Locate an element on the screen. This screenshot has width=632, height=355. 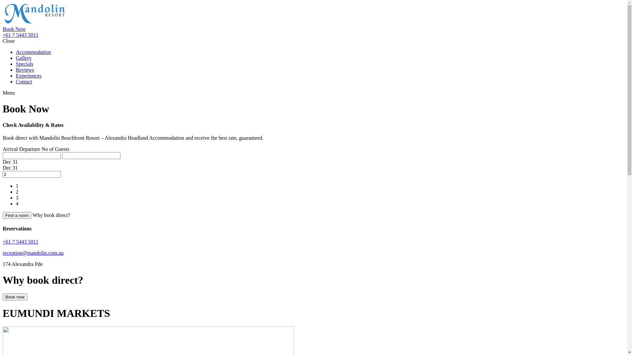
'1 is located at coordinates (3, 189).